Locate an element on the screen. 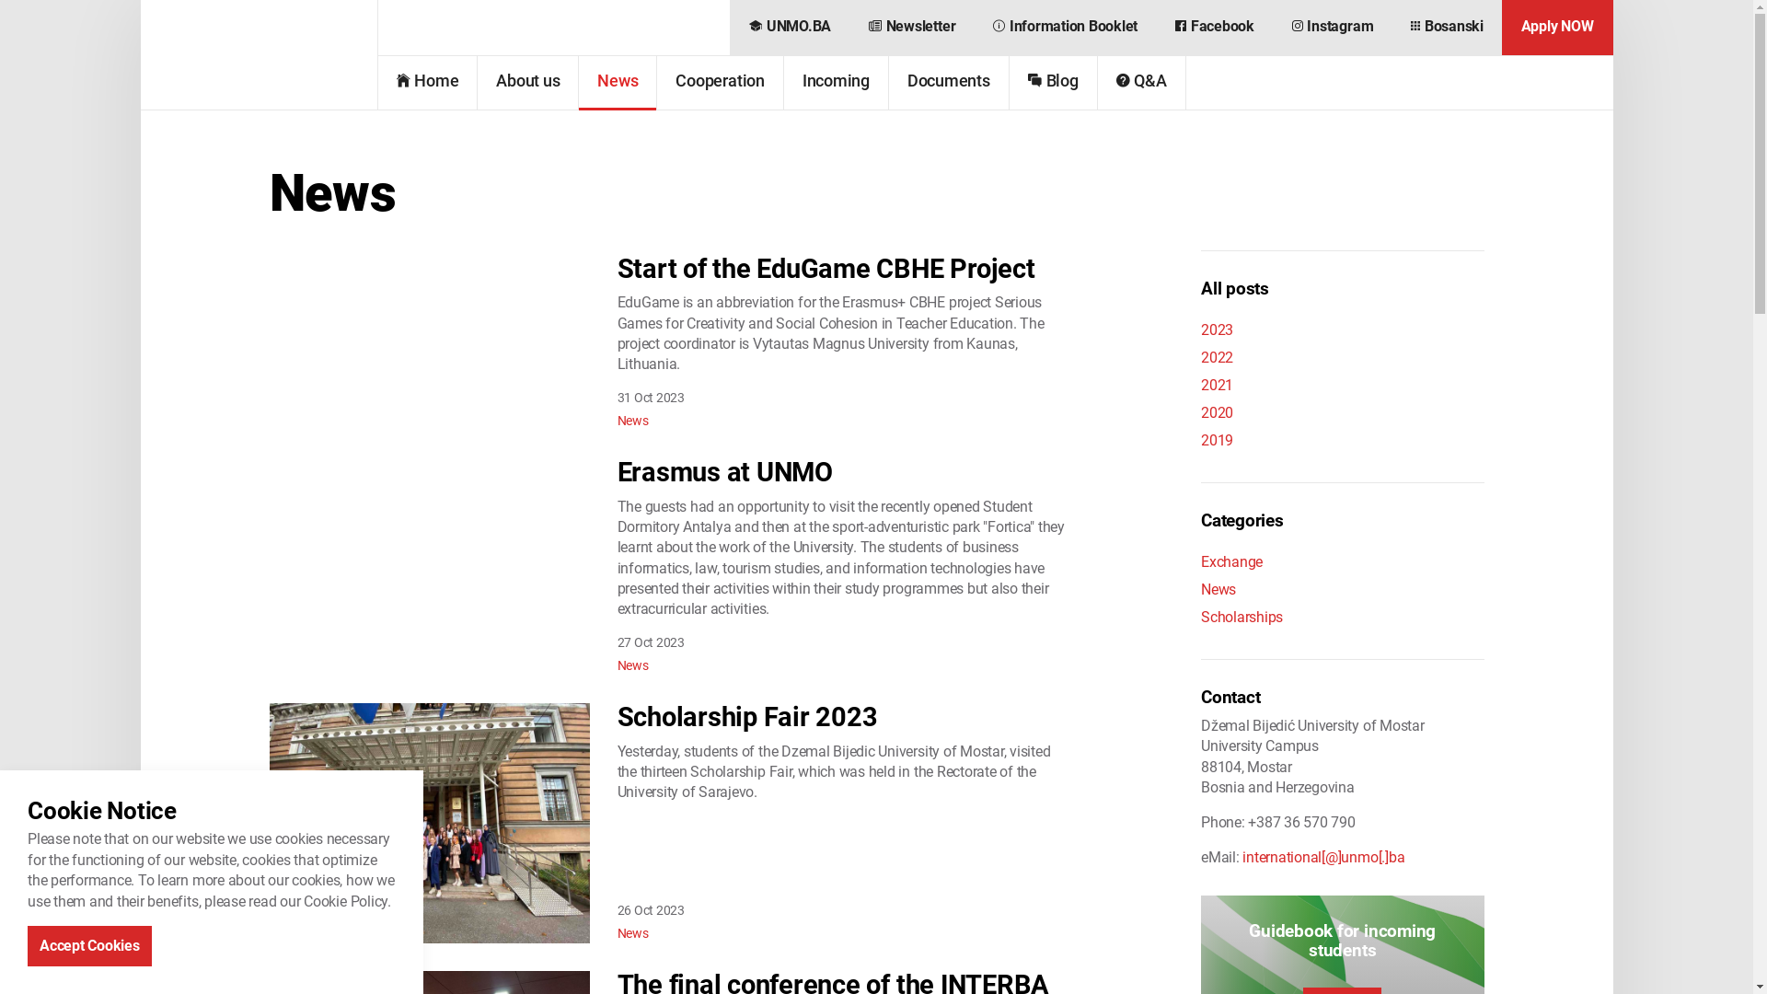 The width and height of the screenshot is (1767, 994). 'Cooperation' is located at coordinates (719, 81).